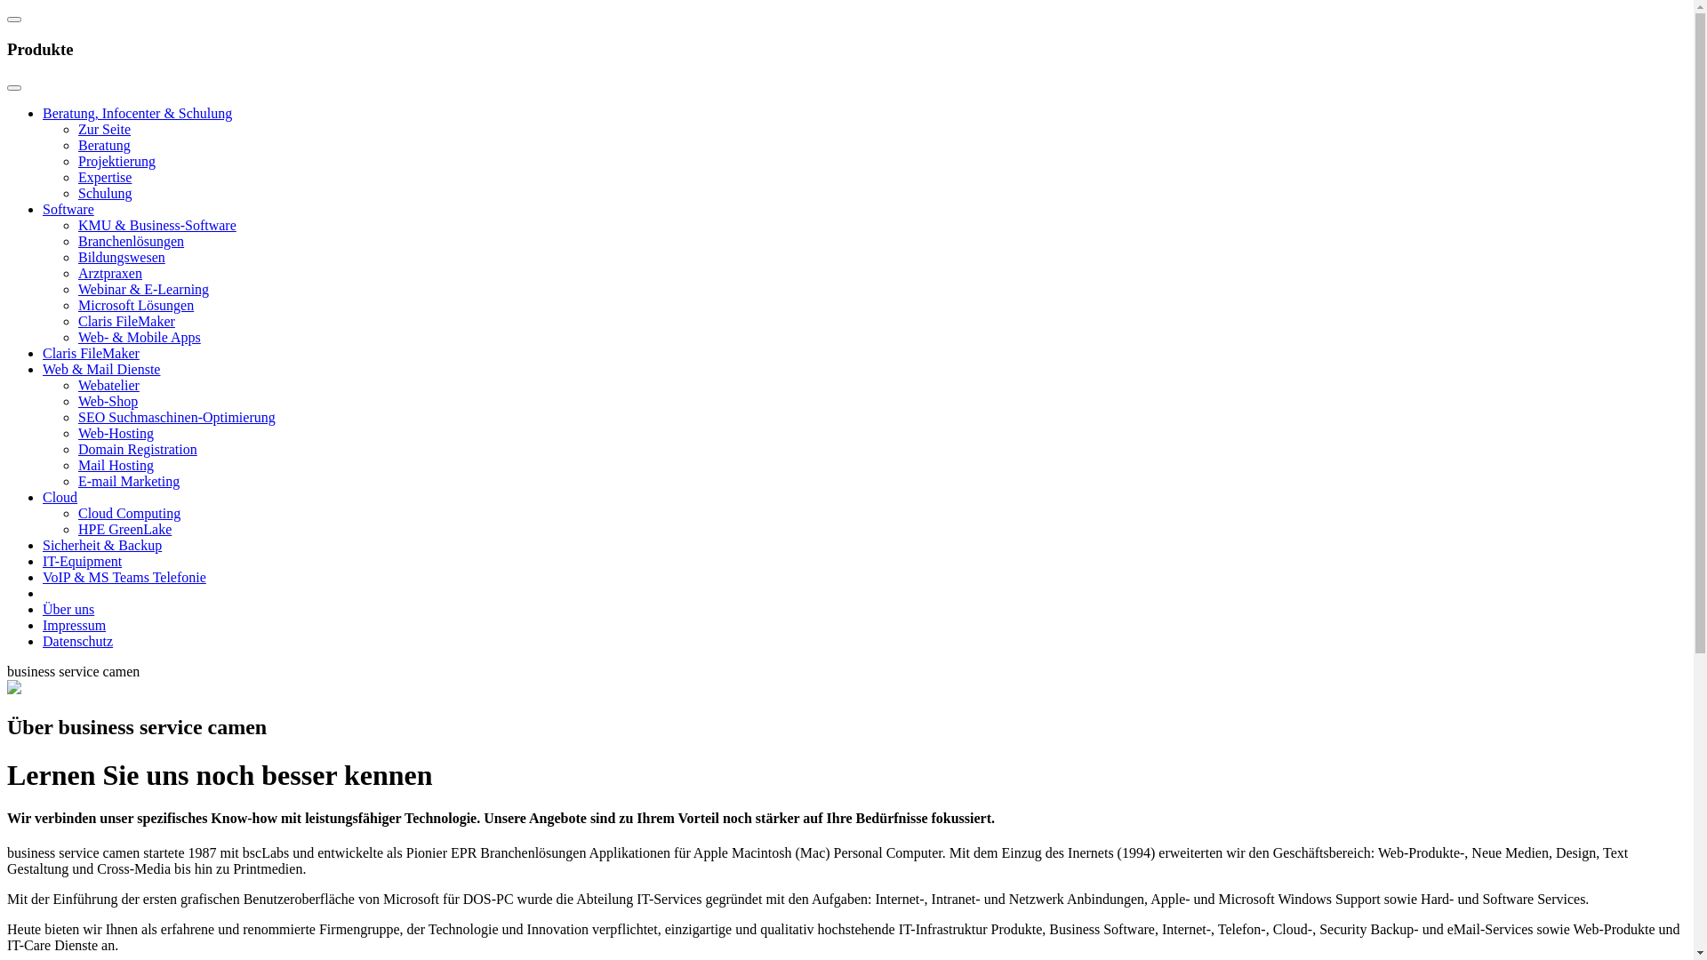 Image resolution: width=1707 pixels, height=960 pixels. Describe the element at coordinates (143, 288) in the screenshot. I see `'Webinar & E-Learning'` at that location.